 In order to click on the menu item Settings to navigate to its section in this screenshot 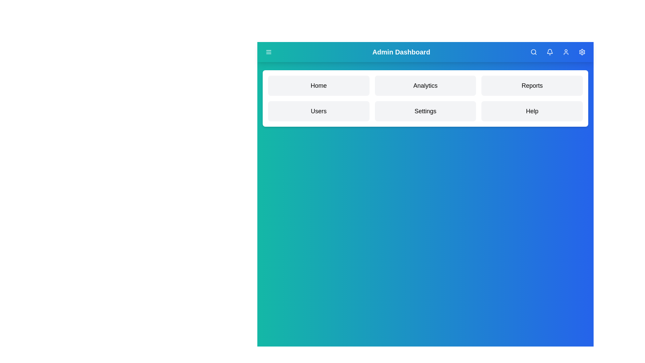, I will do `click(425, 111)`.